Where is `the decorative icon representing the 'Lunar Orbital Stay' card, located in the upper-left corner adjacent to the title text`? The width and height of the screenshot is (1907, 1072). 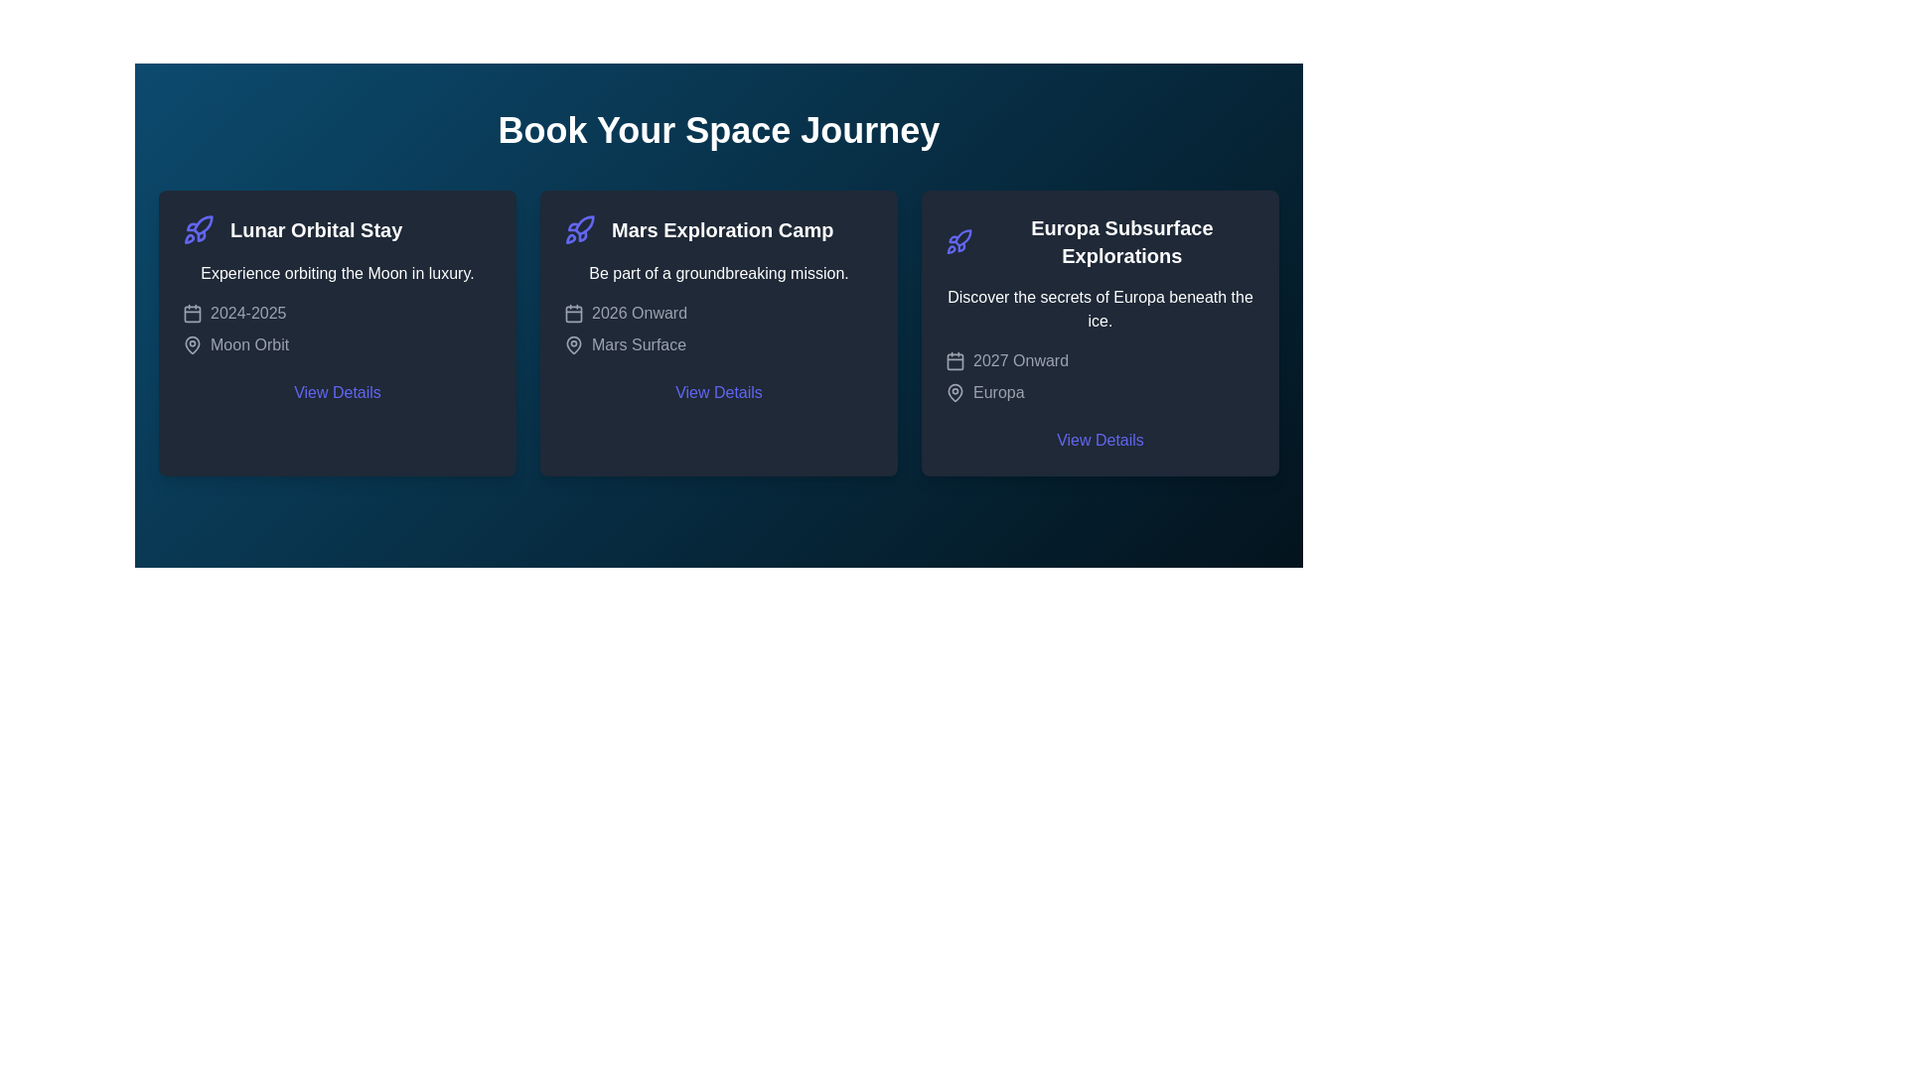 the decorative icon representing the 'Lunar Orbital Stay' card, located in the upper-left corner adjacent to the title text is located at coordinates (203, 224).